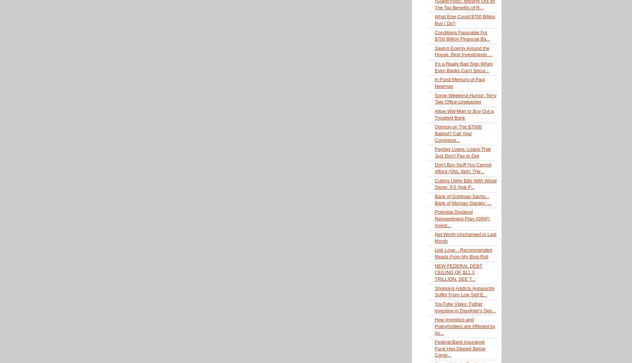  What do you see at coordinates (434, 348) in the screenshot?
I see `'Federal Bank Insurance Fund Has Dipped Below Congr...'` at bounding box center [434, 348].